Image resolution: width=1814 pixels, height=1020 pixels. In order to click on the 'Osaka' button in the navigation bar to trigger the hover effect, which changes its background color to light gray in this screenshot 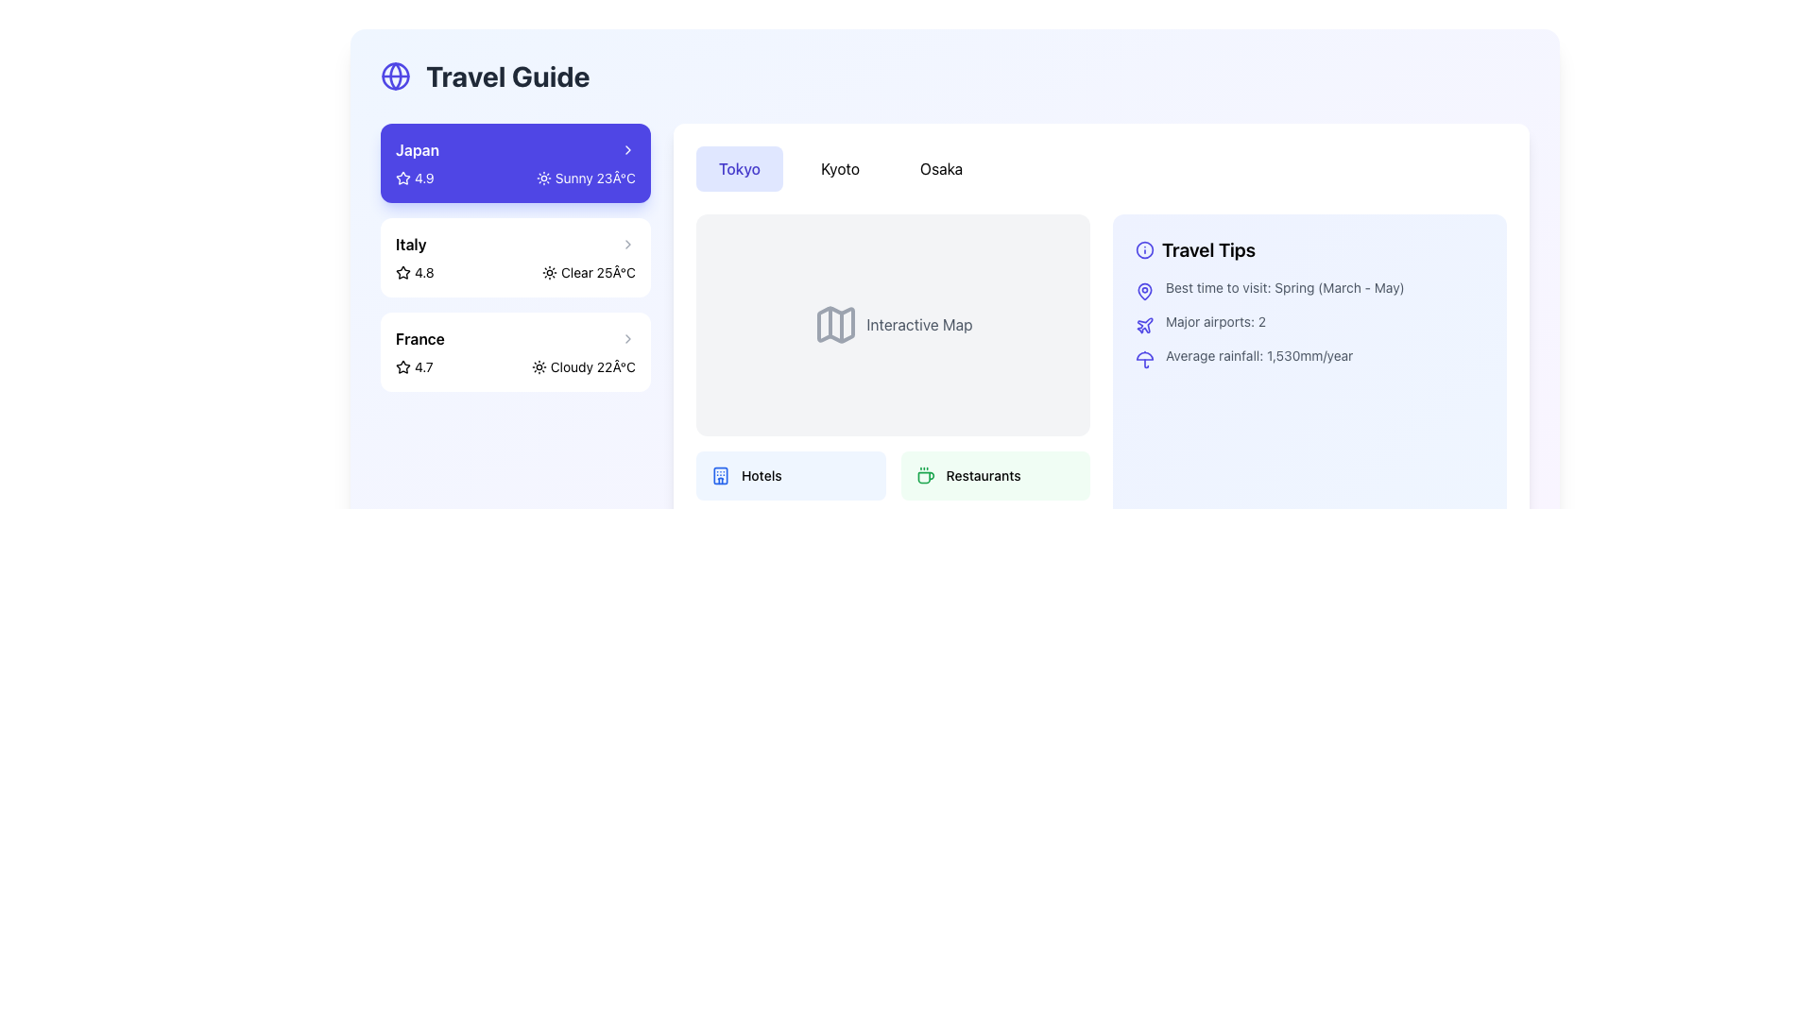, I will do `click(941, 167)`.